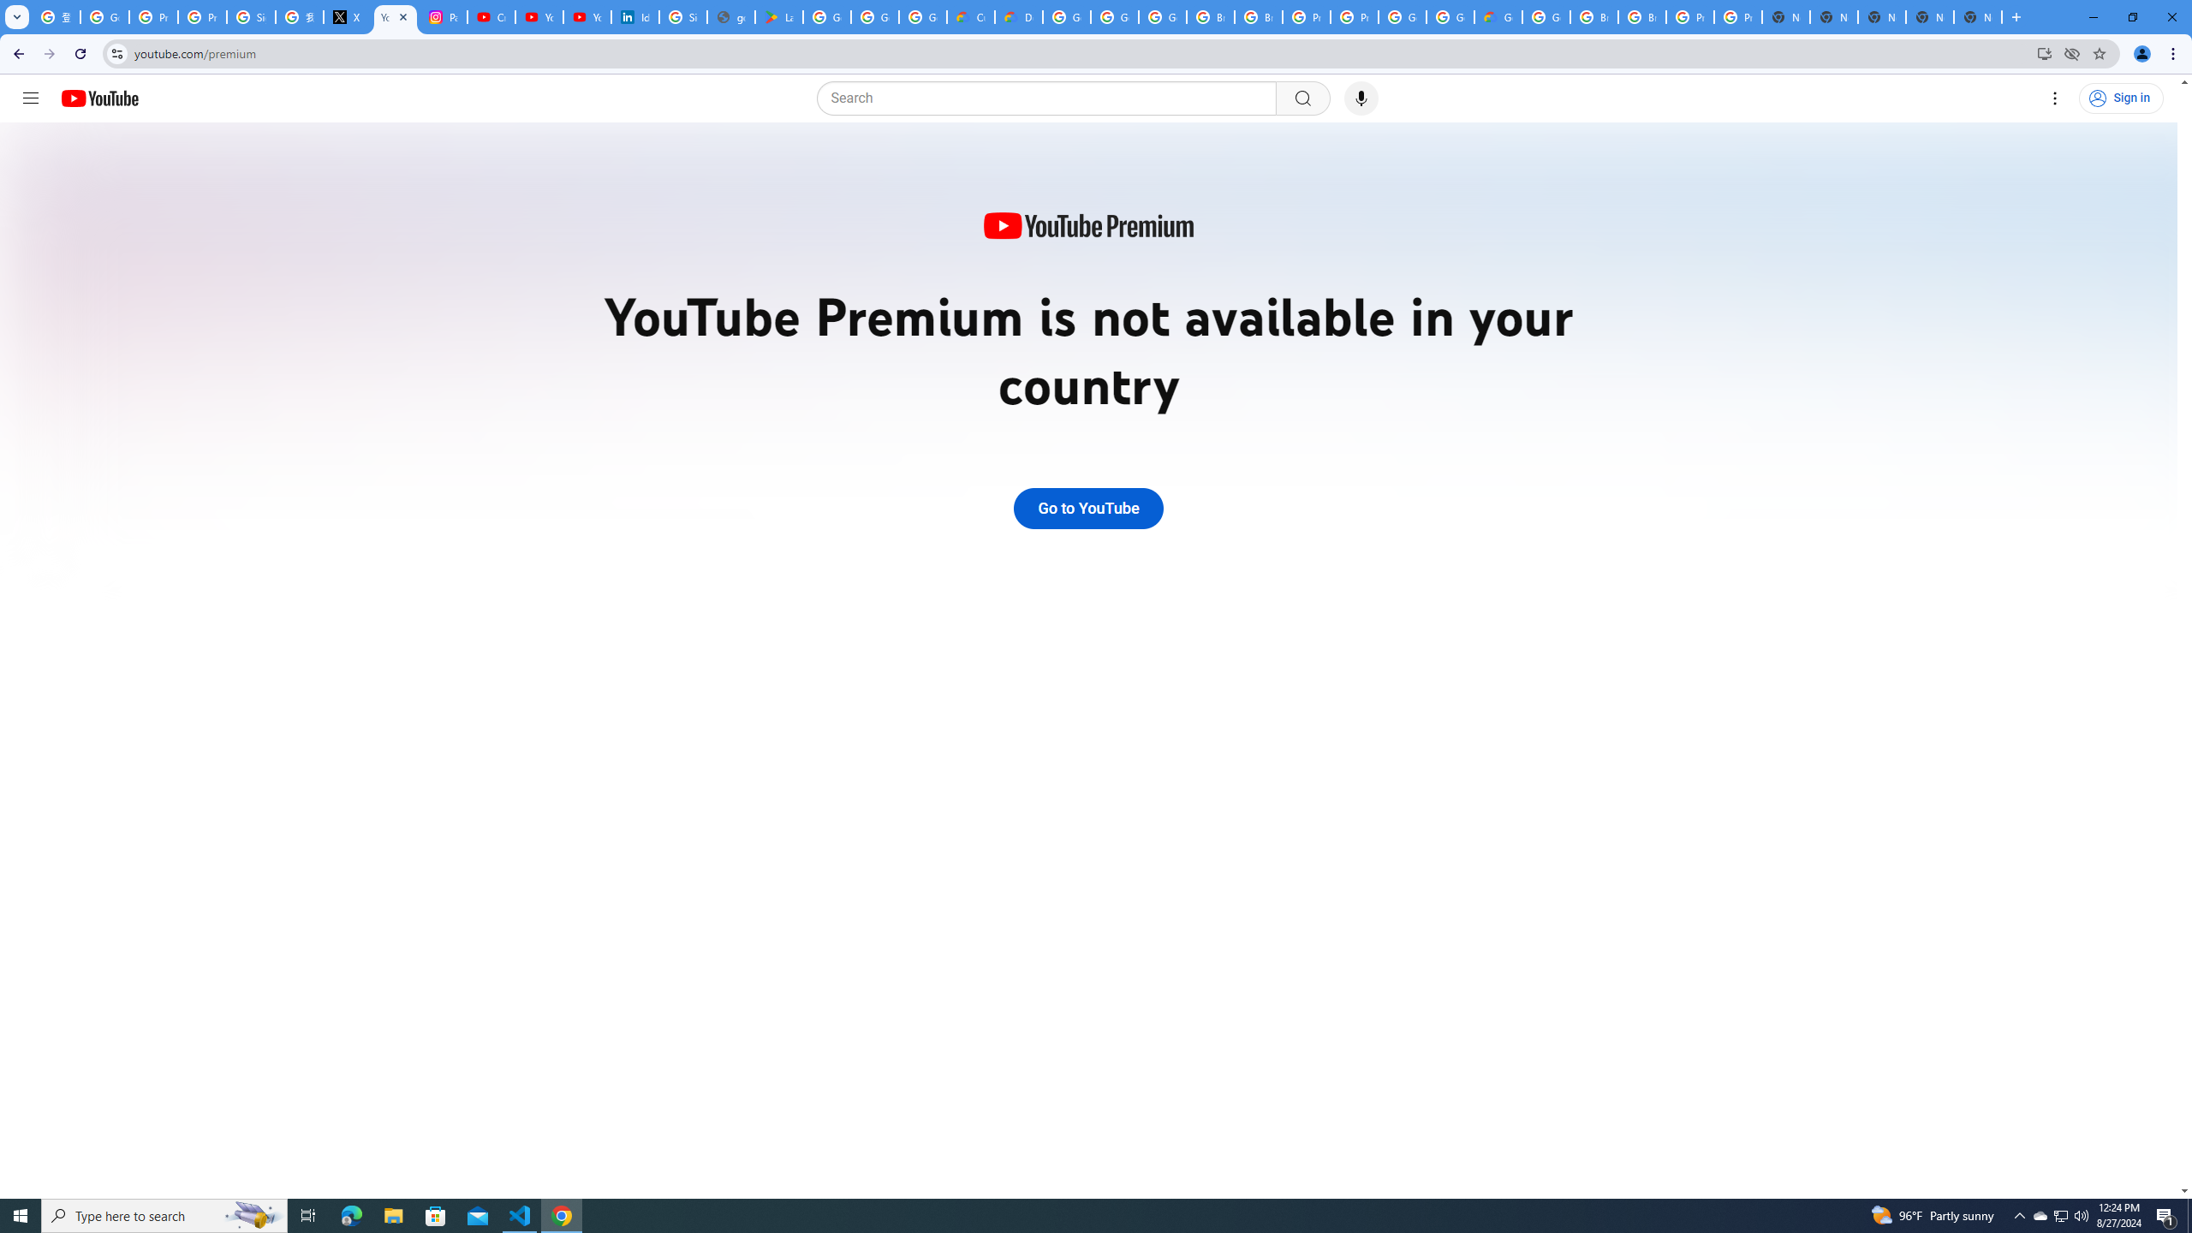 This screenshot has width=2192, height=1233. What do you see at coordinates (346, 16) in the screenshot?
I see `'X'` at bounding box center [346, 16].